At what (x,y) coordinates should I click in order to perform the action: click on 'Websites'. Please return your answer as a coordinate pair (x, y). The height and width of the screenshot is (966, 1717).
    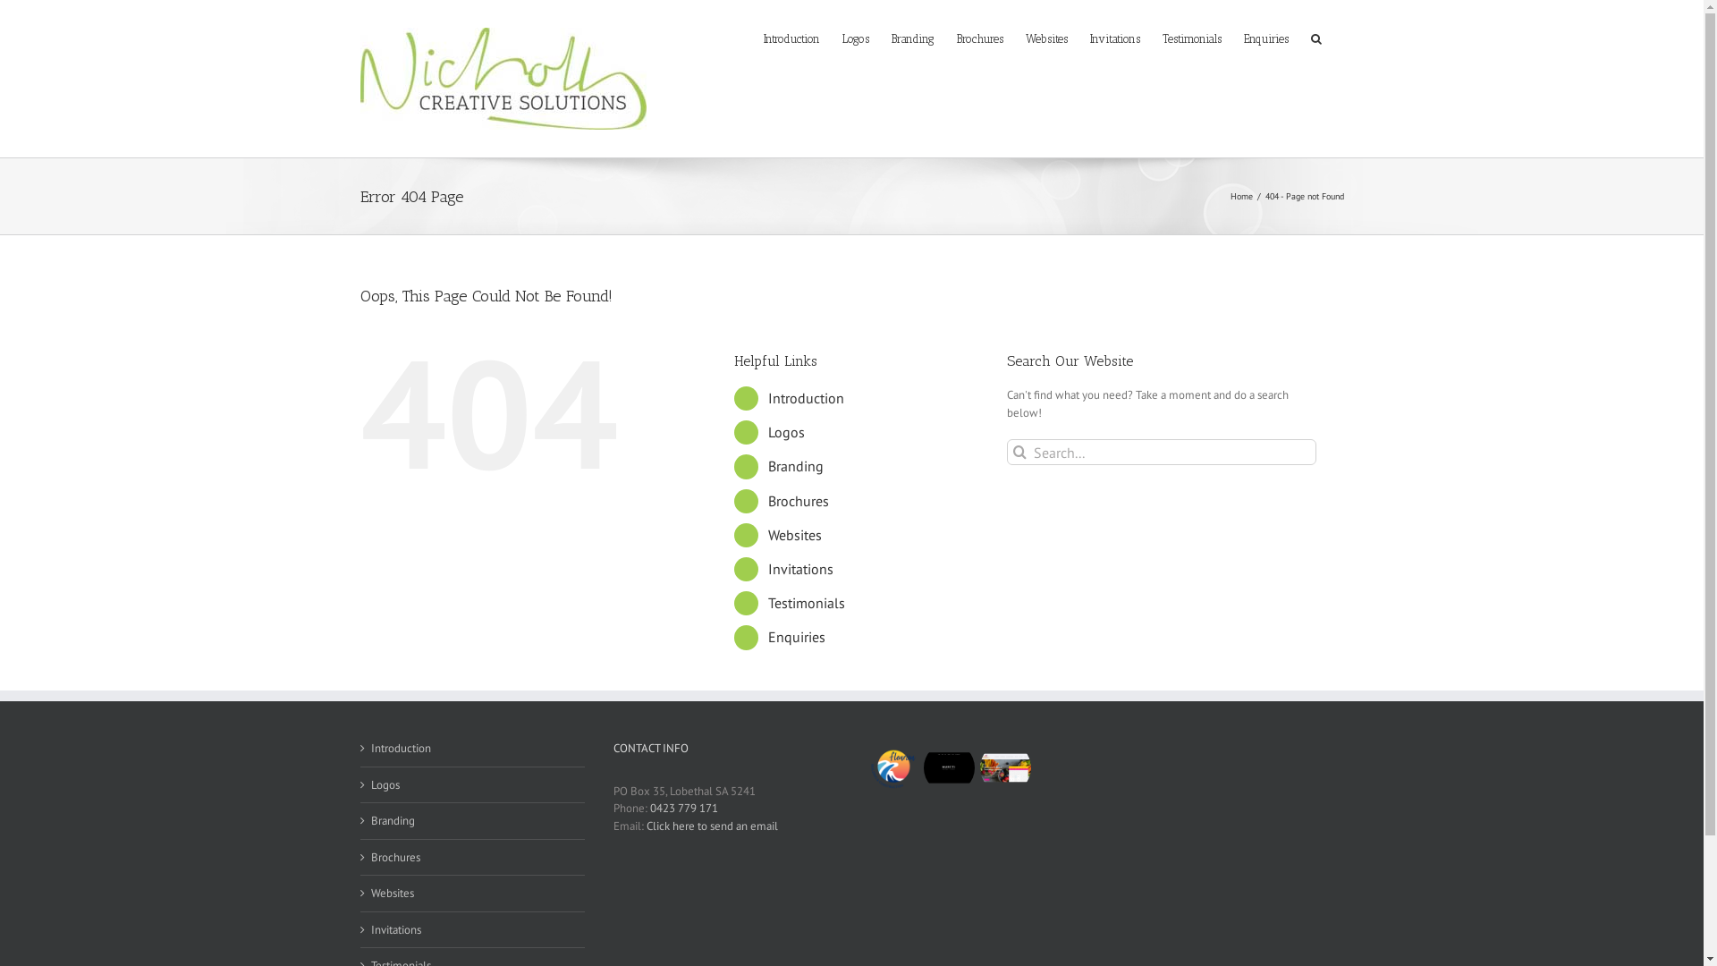
    Looking at the image, I should click on (1045, 38).